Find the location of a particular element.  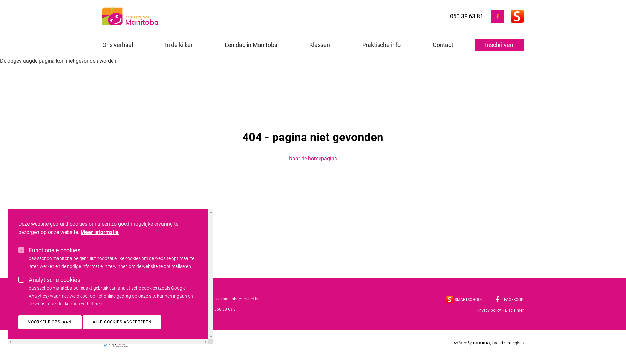

'Ons verhaal' is located at coordinates (123, 45).